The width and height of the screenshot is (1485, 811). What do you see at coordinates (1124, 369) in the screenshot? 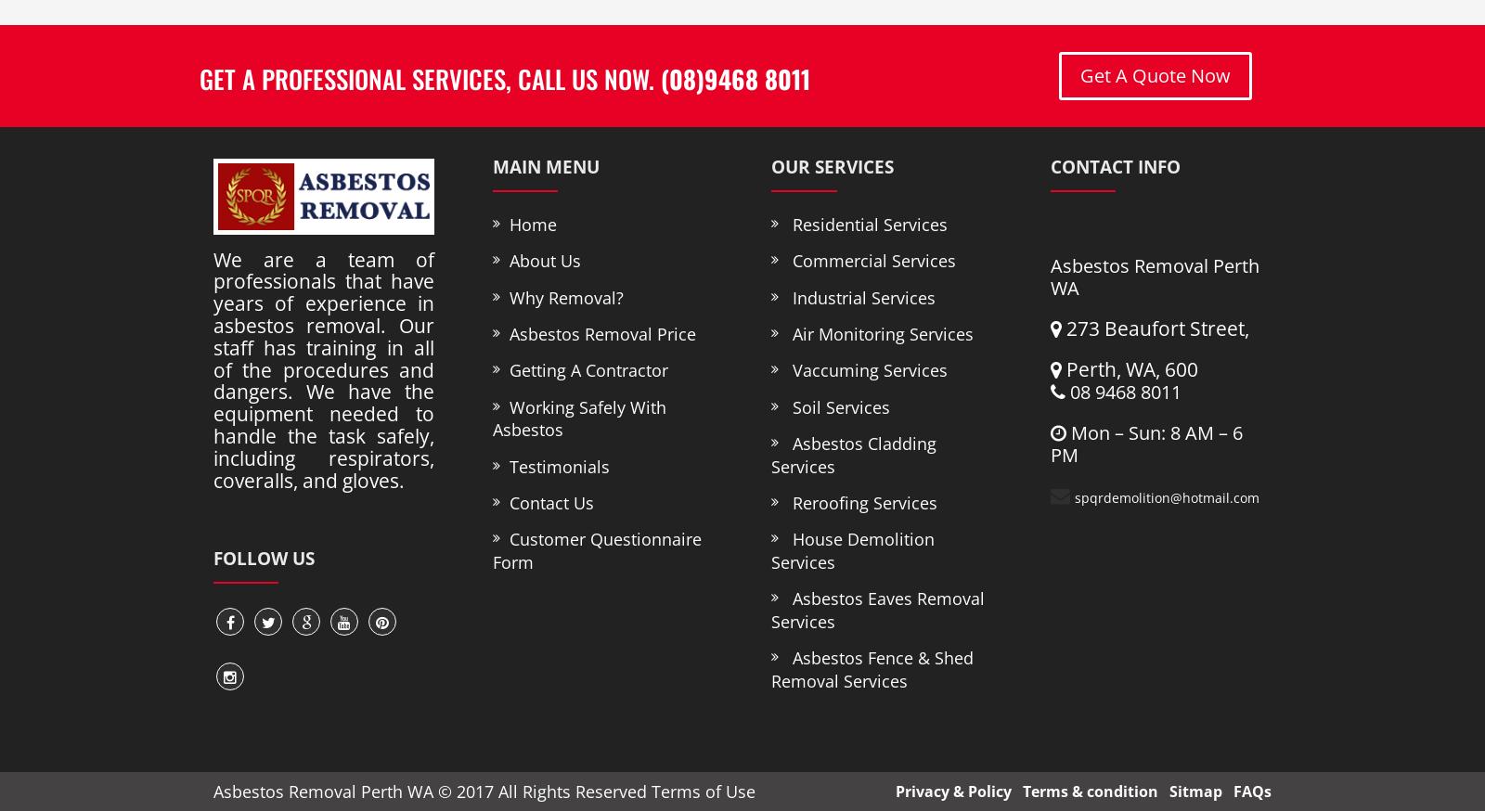
I see `'WA,'` at bounding box center [1124, 369].